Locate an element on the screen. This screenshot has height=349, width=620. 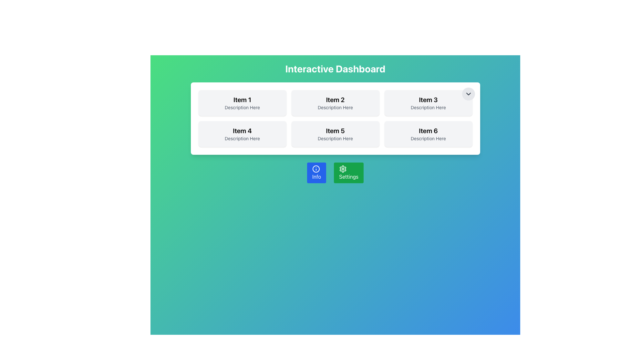
the Icon (SVG) that represents additional information within the 'Info' button located in the lower middle section of the interface is located at coordinates (316, 169).